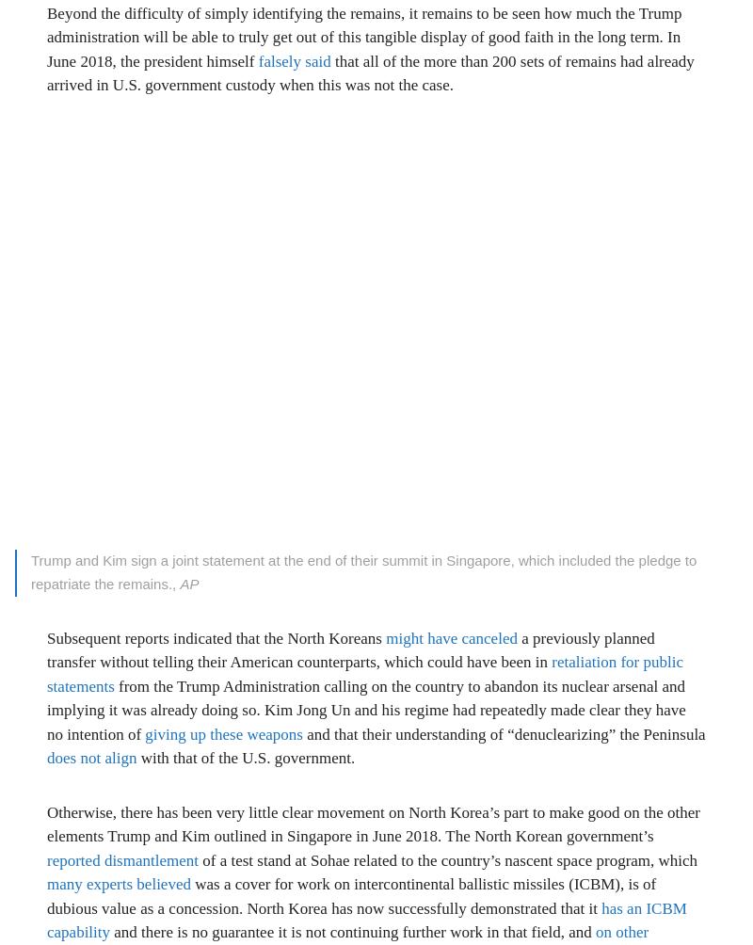 The image size is (753, 945). Describe the element at coordinates (369, 72) in the screenshot. I see `'that all of the more than 200 sets of remains had already arrived in U.S. government custody when this was not the case.'` at that location.